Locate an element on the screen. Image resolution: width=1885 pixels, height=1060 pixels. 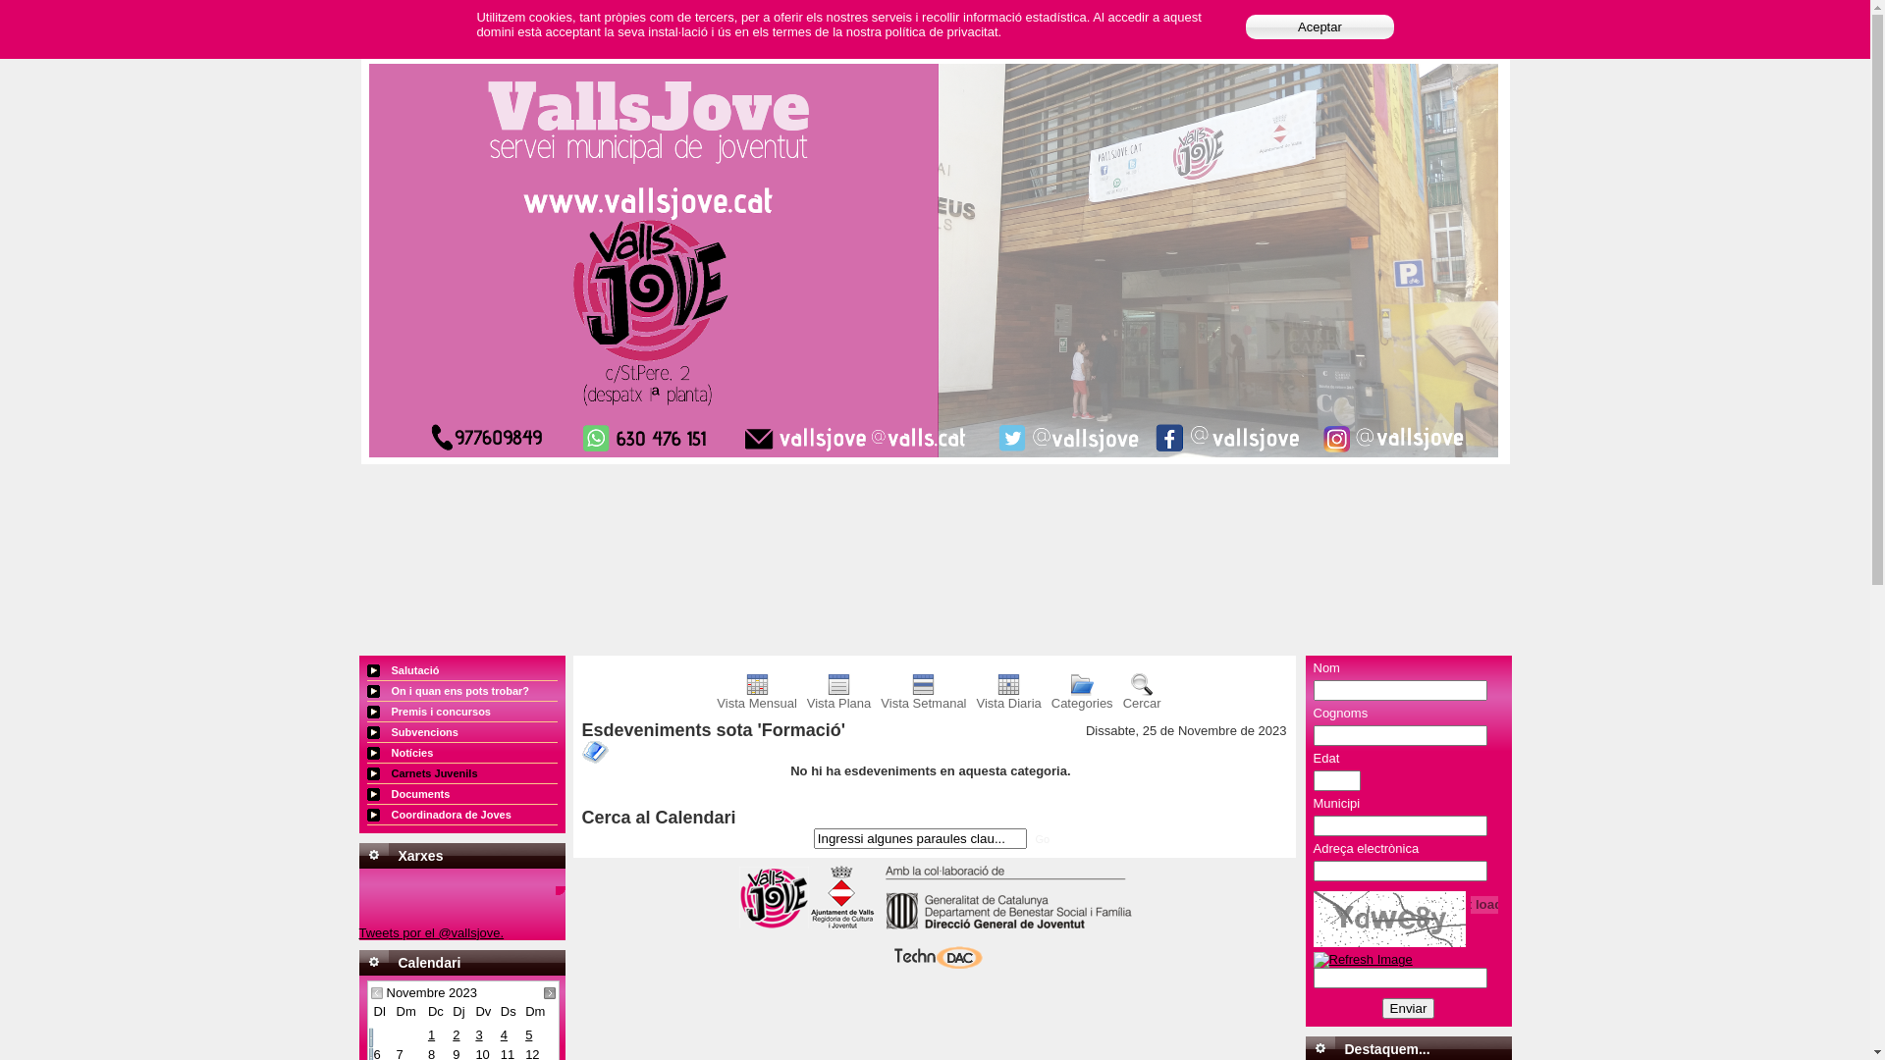
'Subvencions' is located at coordinates (460, 732).